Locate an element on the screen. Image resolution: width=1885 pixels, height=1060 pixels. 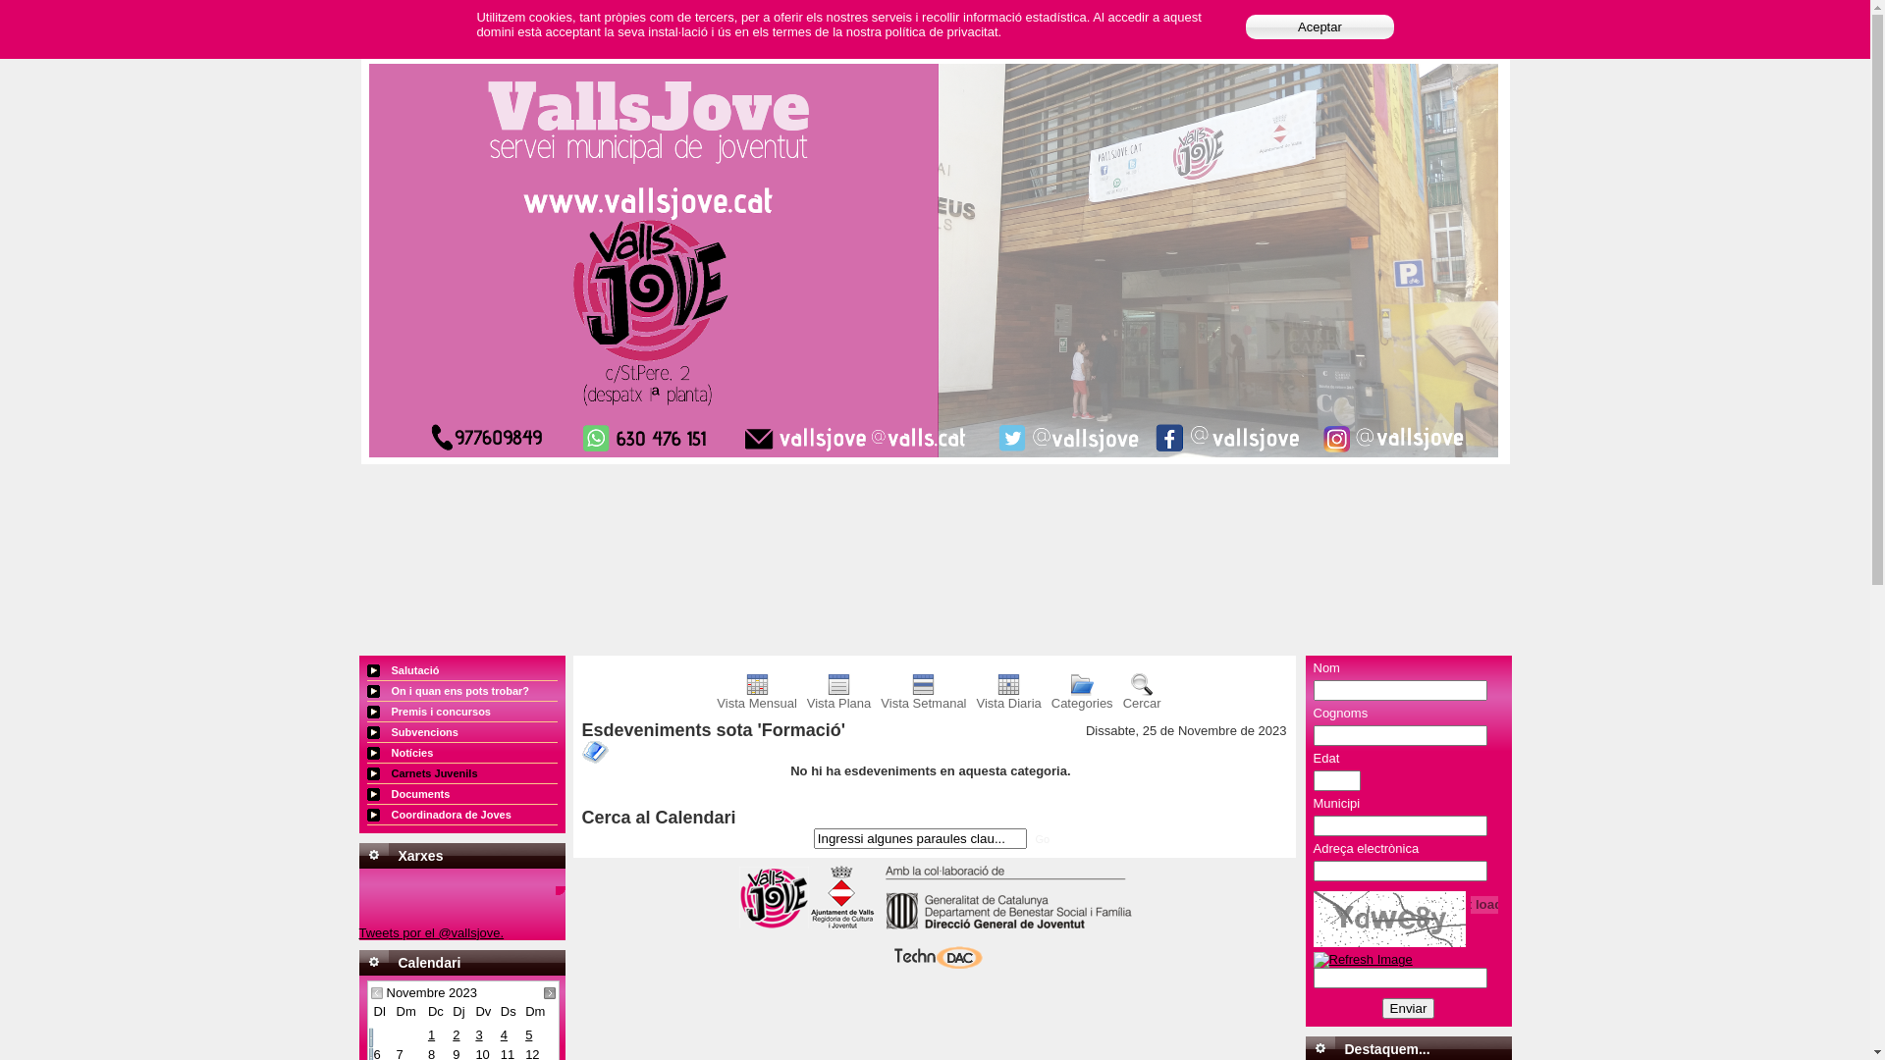
'Subvencions' is located at coordinates (460, 732).